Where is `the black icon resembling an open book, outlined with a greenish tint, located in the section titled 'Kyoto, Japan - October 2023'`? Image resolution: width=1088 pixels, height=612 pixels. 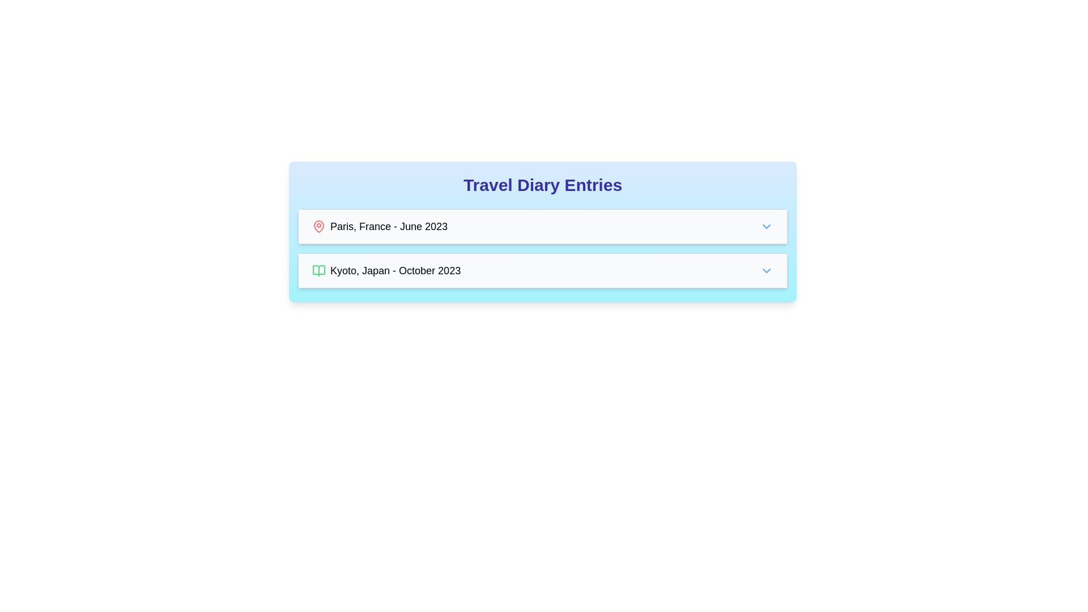
the black icon resembling an open book, outlined with a greenish tint, located in the section titled 'Kyoto, Japan - October 2023' is located at coordinates (318, 271).